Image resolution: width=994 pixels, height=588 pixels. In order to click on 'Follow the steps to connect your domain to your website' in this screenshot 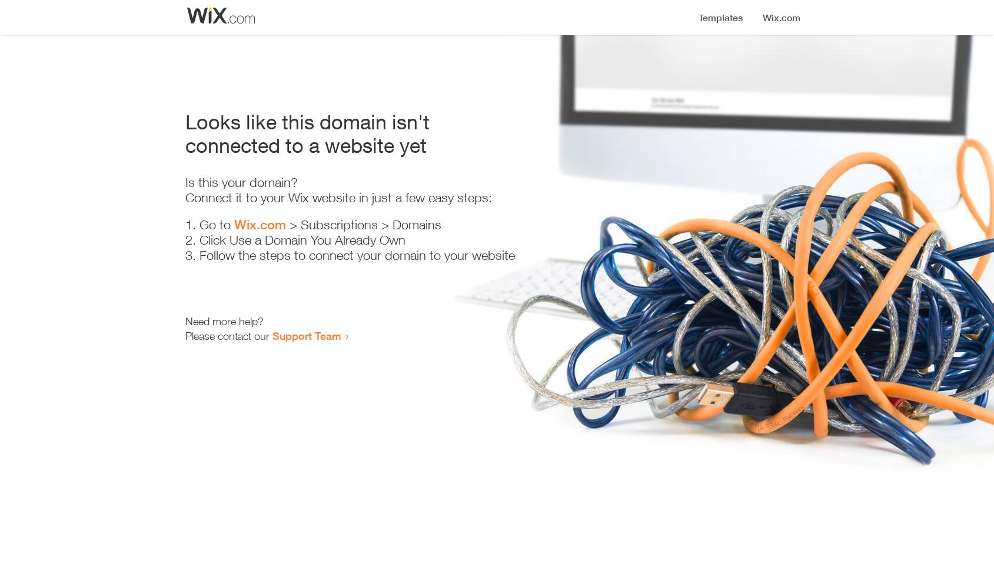, I will do `click(356, 255)`.